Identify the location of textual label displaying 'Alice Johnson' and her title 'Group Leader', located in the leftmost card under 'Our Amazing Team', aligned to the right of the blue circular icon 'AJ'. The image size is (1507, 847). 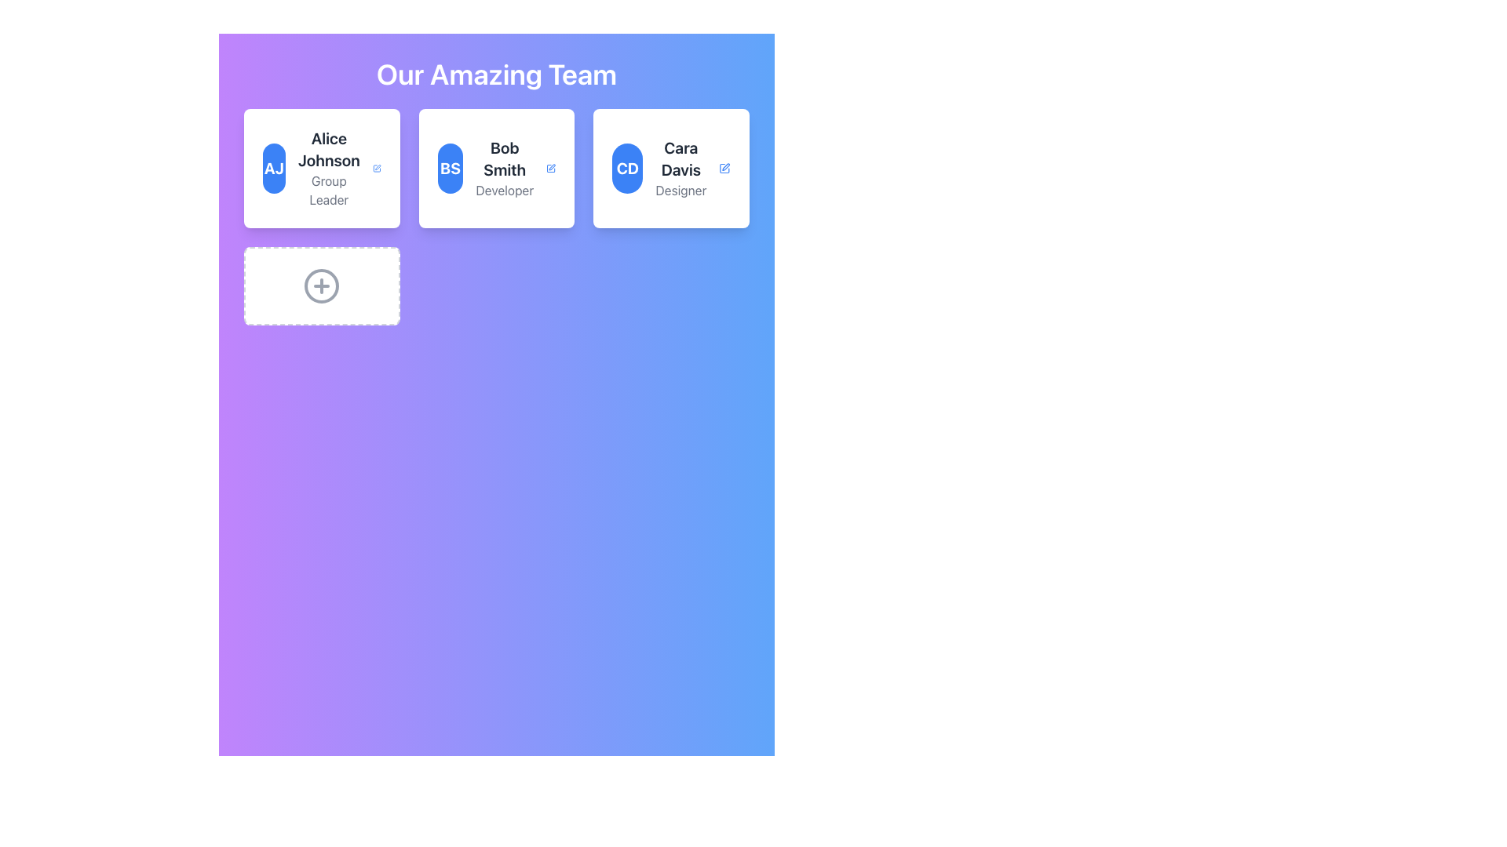
(328, 169).